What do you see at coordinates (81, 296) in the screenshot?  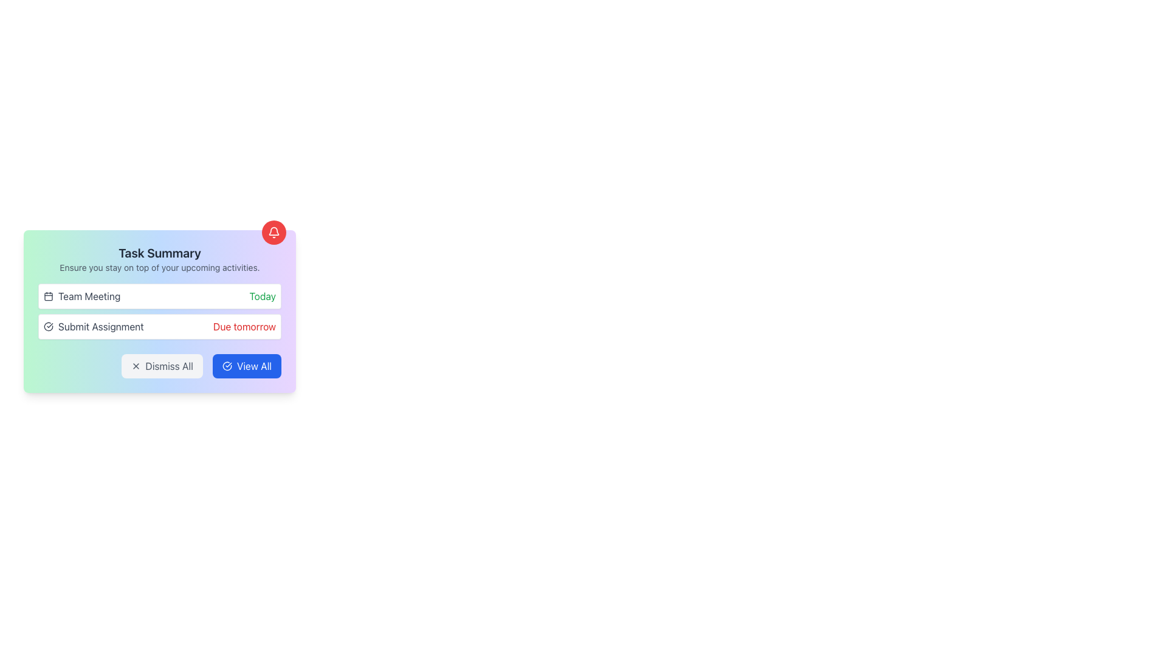 I see `the 'Team Meeting' text label` at bounding box center [81, 296].